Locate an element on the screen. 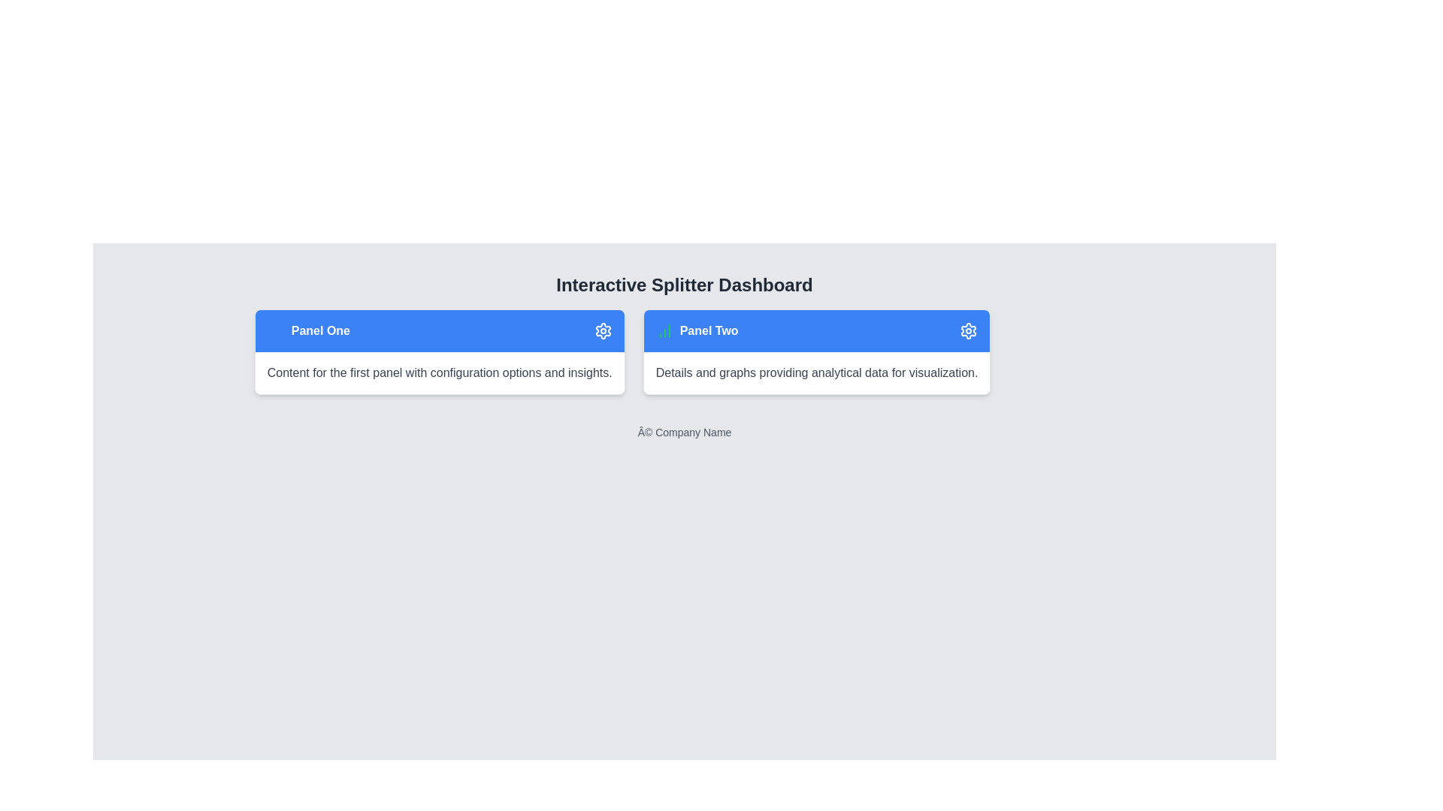  the gear icon located in the top right corner of 'Panel Two' is located at coordinates (603, 330).